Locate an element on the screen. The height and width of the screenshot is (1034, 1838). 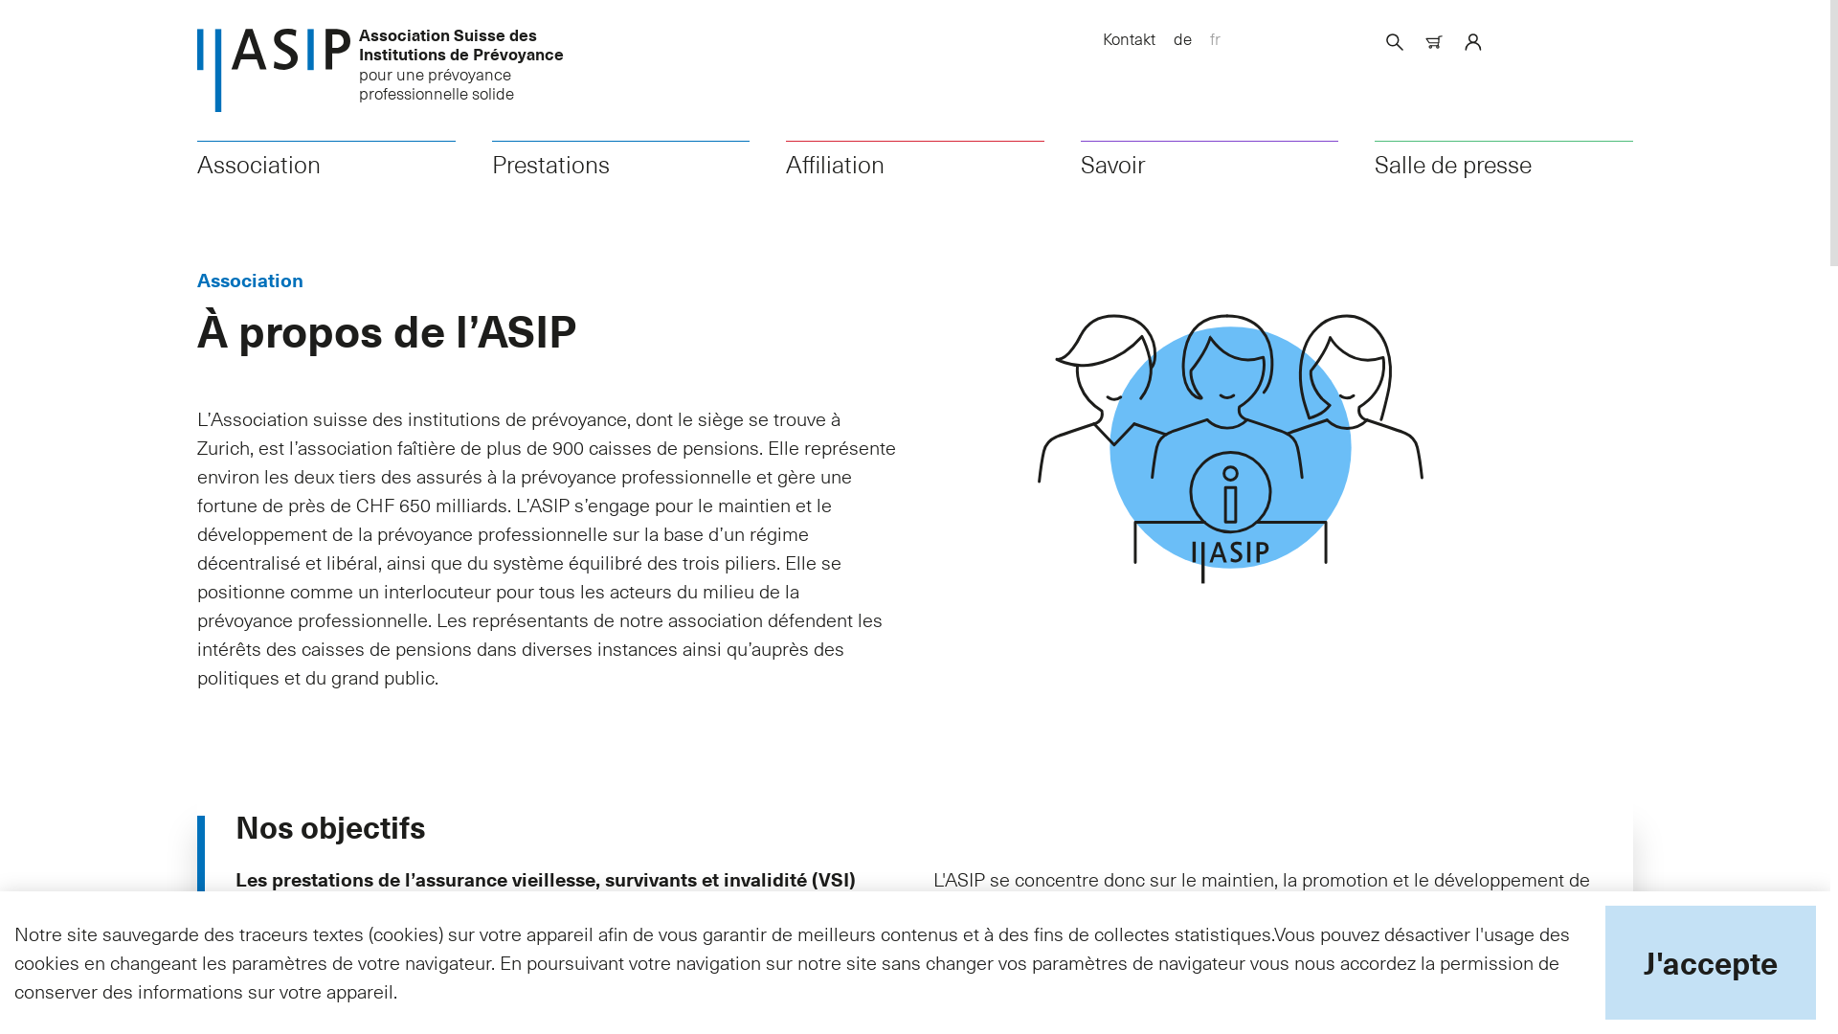
'de' is located at coordinates (1181, 37).